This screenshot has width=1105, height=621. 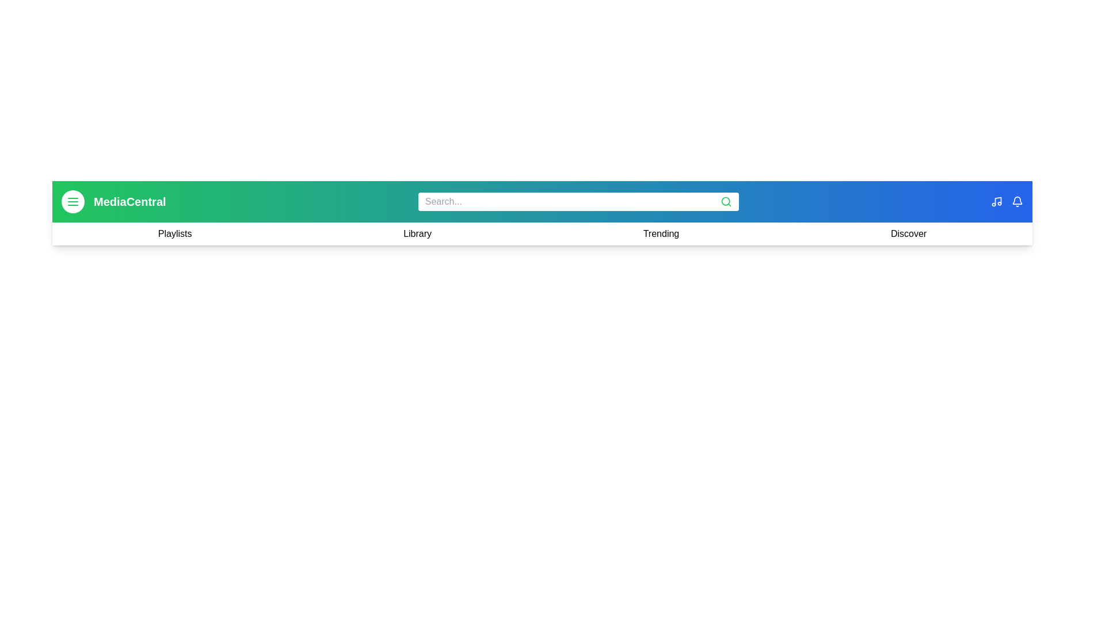 I want to click on the Music icon in the MultimediaAppBar, so click(x=996, y=201).